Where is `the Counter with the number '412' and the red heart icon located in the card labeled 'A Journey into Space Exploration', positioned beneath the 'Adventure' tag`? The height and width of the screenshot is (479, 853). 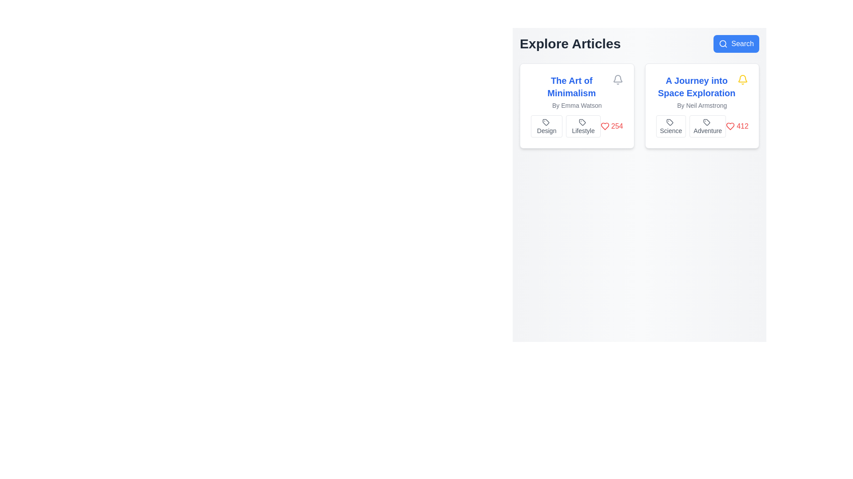 the Counter with the number '412' and the red heart icon located in the card labeled 'A Journey into Space Exploration', positioned beneath the 'Adventure' tag is located at coordinates (737, 126).